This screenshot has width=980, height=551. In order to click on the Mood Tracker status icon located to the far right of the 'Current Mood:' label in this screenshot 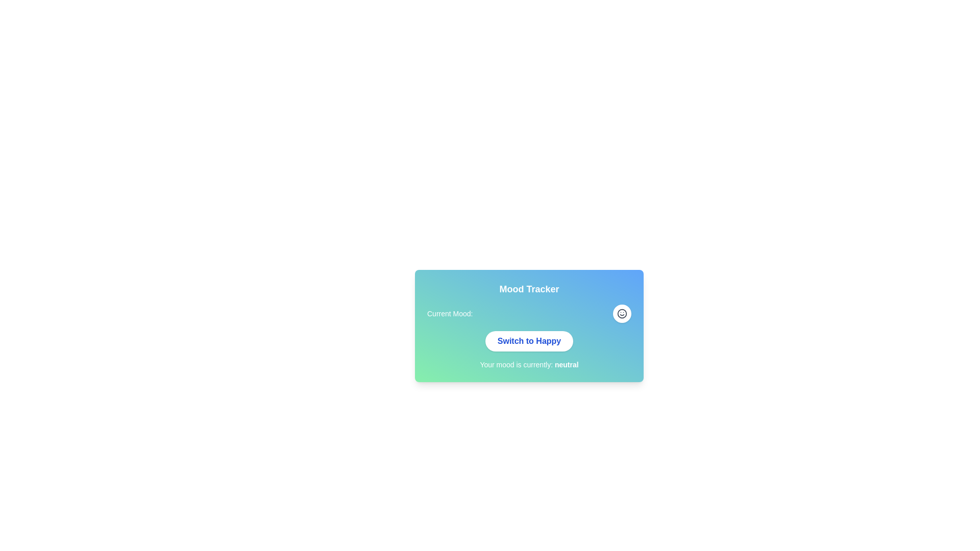, I will do `click(622, 313)`.